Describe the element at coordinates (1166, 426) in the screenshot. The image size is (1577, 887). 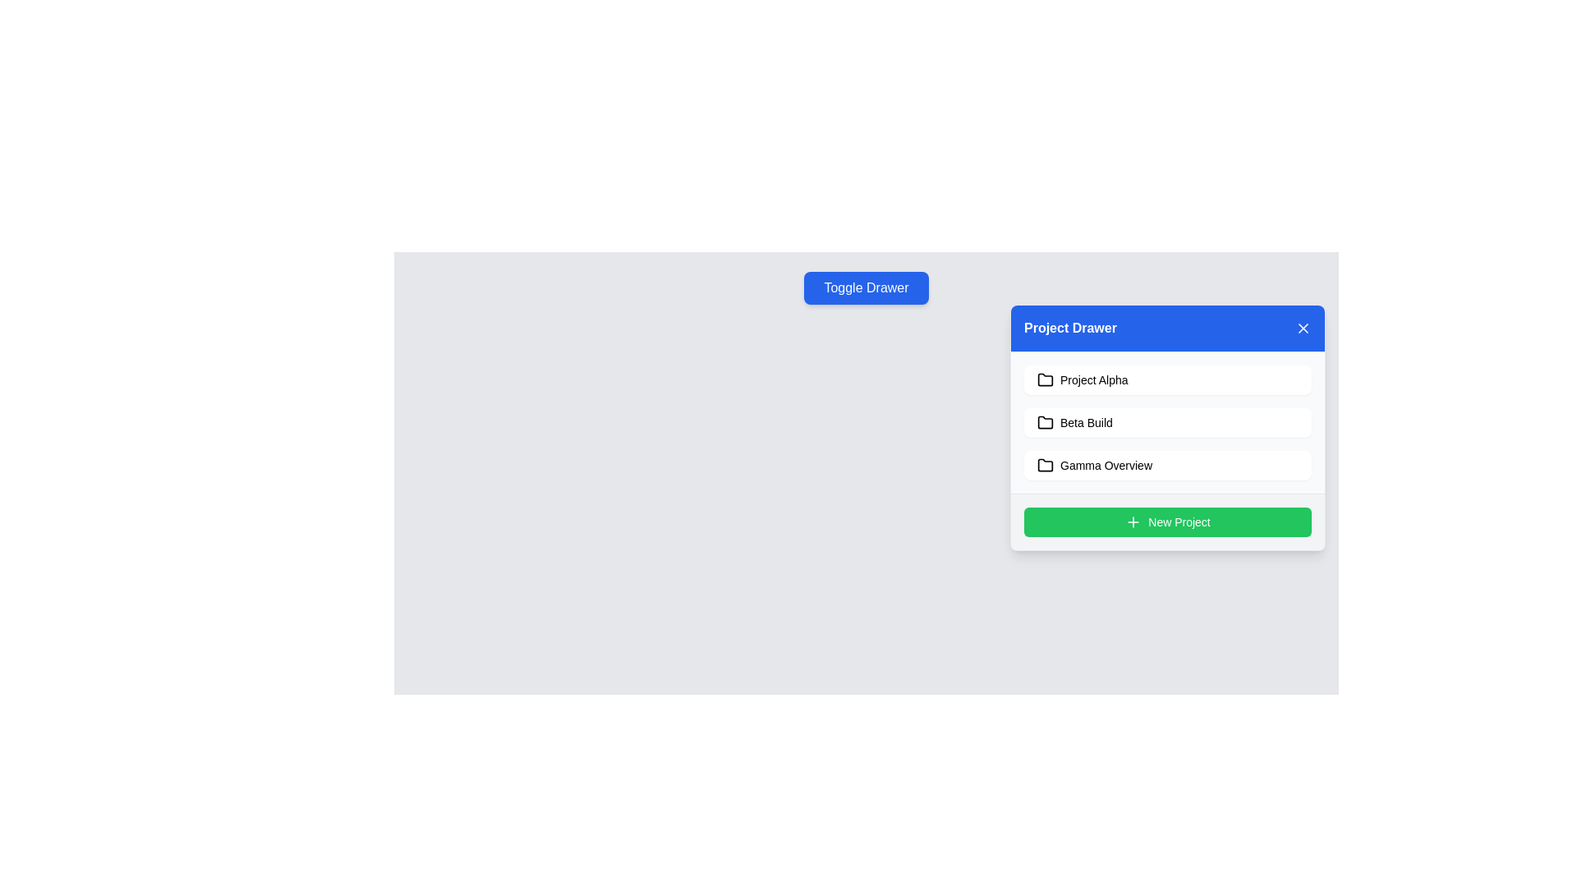
I see `the 'Beta Build' menu item in the 'Project Drawer'` at that location.